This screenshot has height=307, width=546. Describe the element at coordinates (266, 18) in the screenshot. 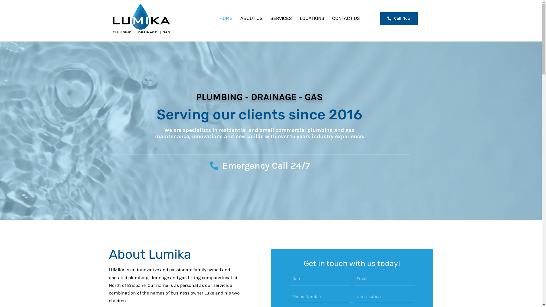

I see `'SERVICES'` at that location.